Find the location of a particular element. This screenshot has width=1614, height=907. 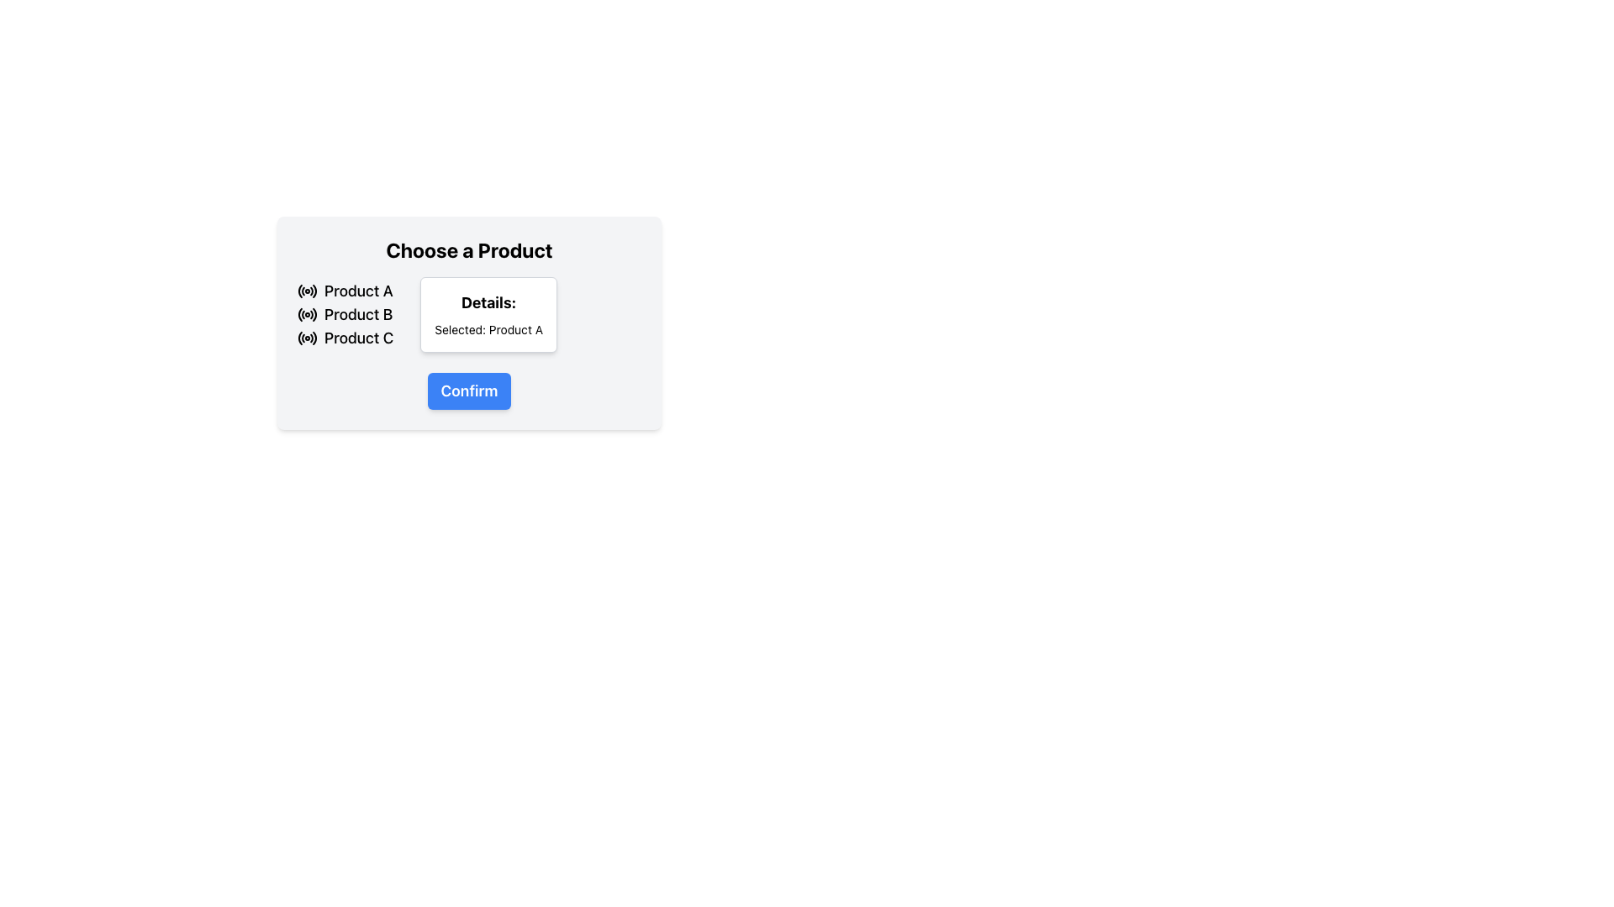

the Icon component (decorative curve within an SVG) that is styled with a black stroke and positioned within a circular icon next to the text labeled 'Product A' is located at coordinates (303, 290).